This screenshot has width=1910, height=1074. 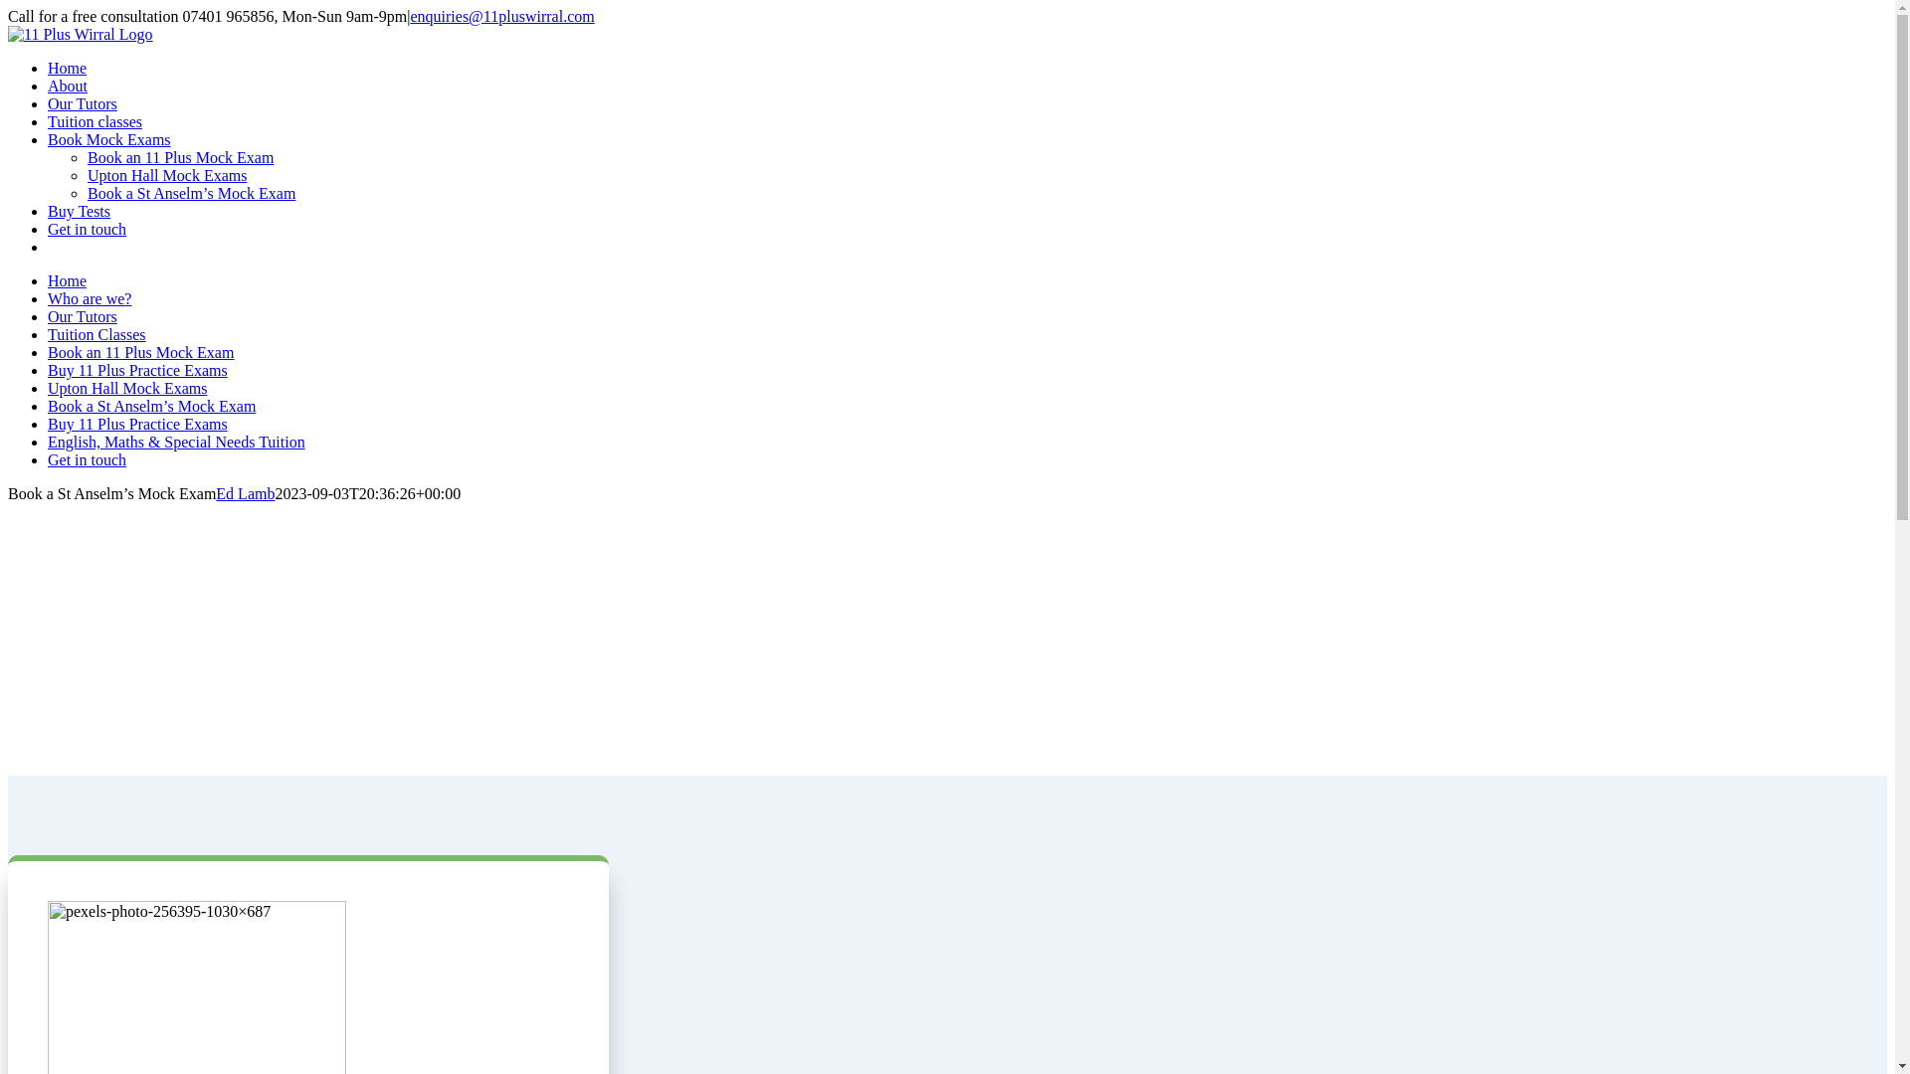 I want to click on 'Book an 11 Plus Mock Exam', so click(x=139, y=351).